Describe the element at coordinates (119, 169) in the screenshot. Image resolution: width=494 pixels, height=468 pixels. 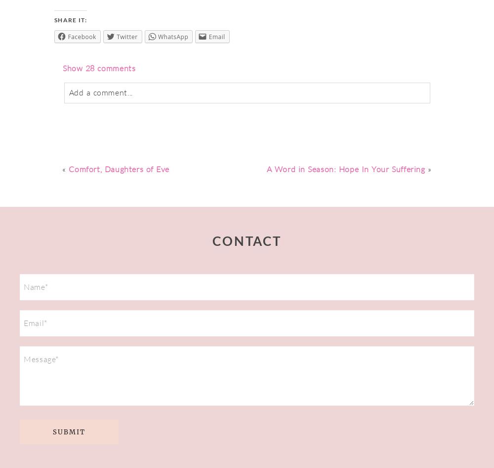
I see `'Comfort, Daughters of Eve'` at that location.